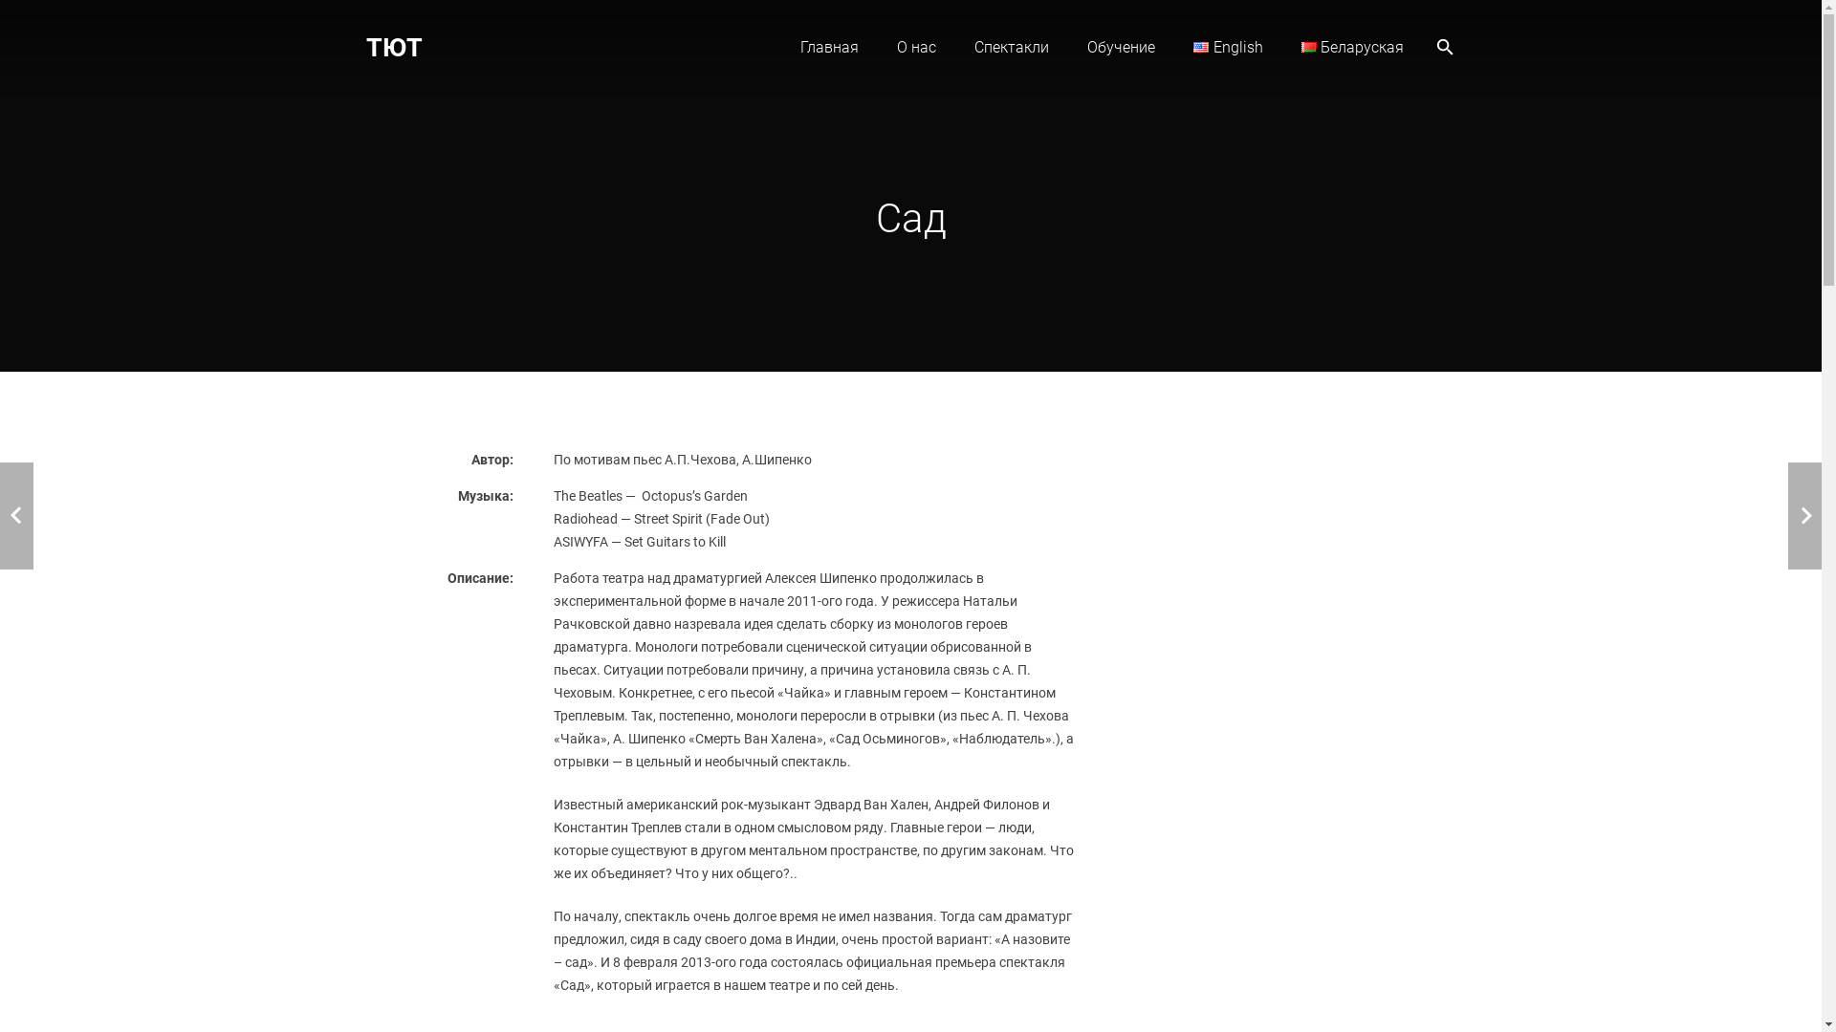 The height and width of the screenshot is (1032, 1836). I want to click on 'English', so click(1200, 46).